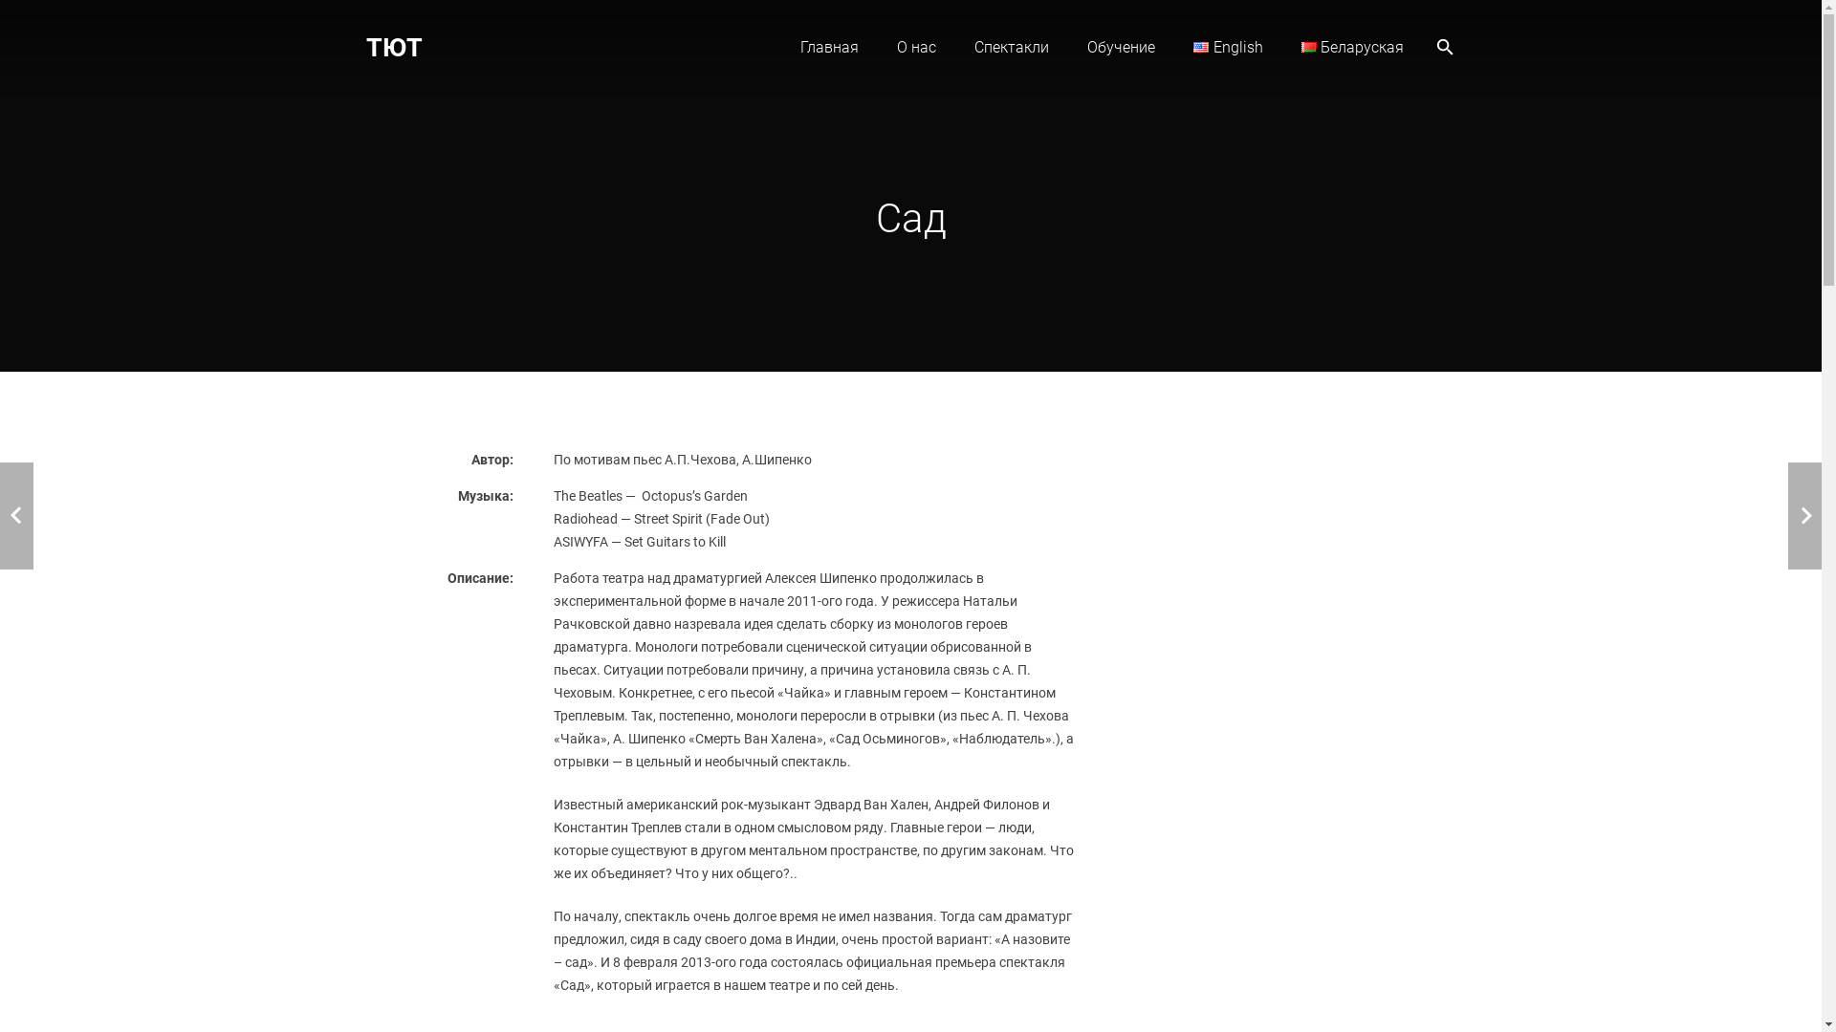 The height and width of the screenshot is (1032, 1836). I want to click on 'English', so click(1200, 46).